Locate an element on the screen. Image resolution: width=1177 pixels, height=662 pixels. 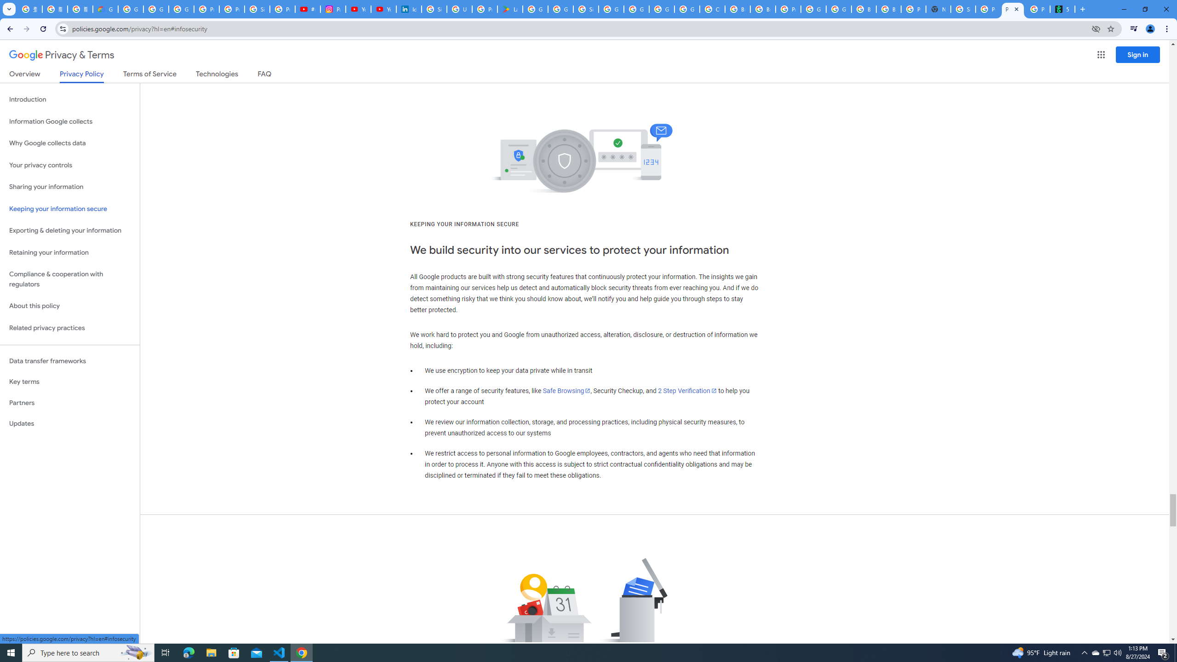
'Google Cloud Platform' is located at coordinates (838, 9).